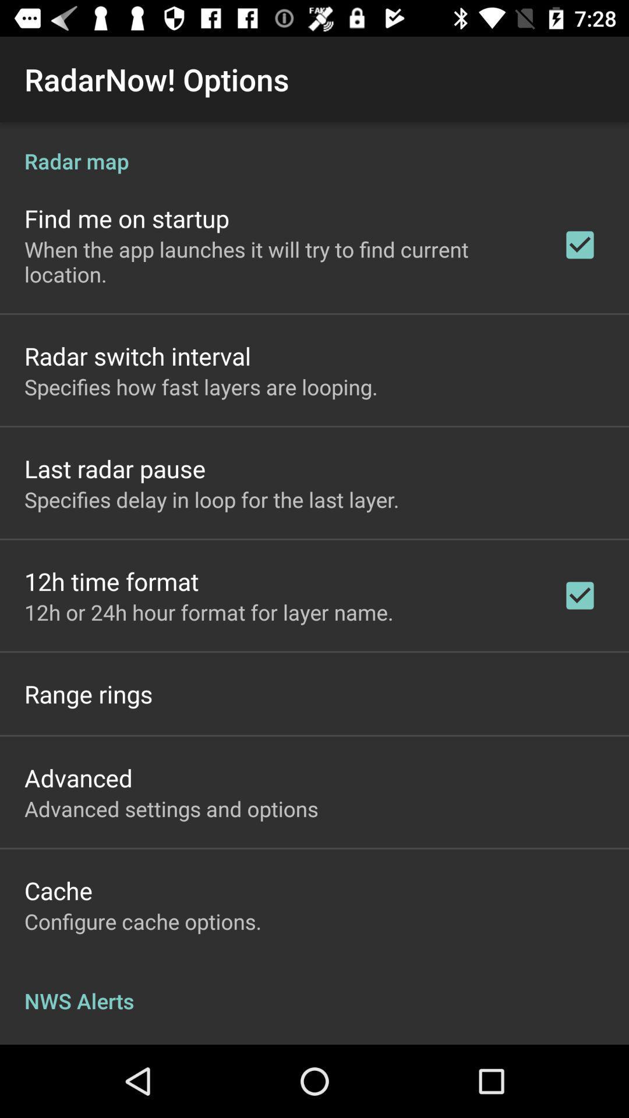  I want to click on the item below the last radar pause, so click(211, 500).